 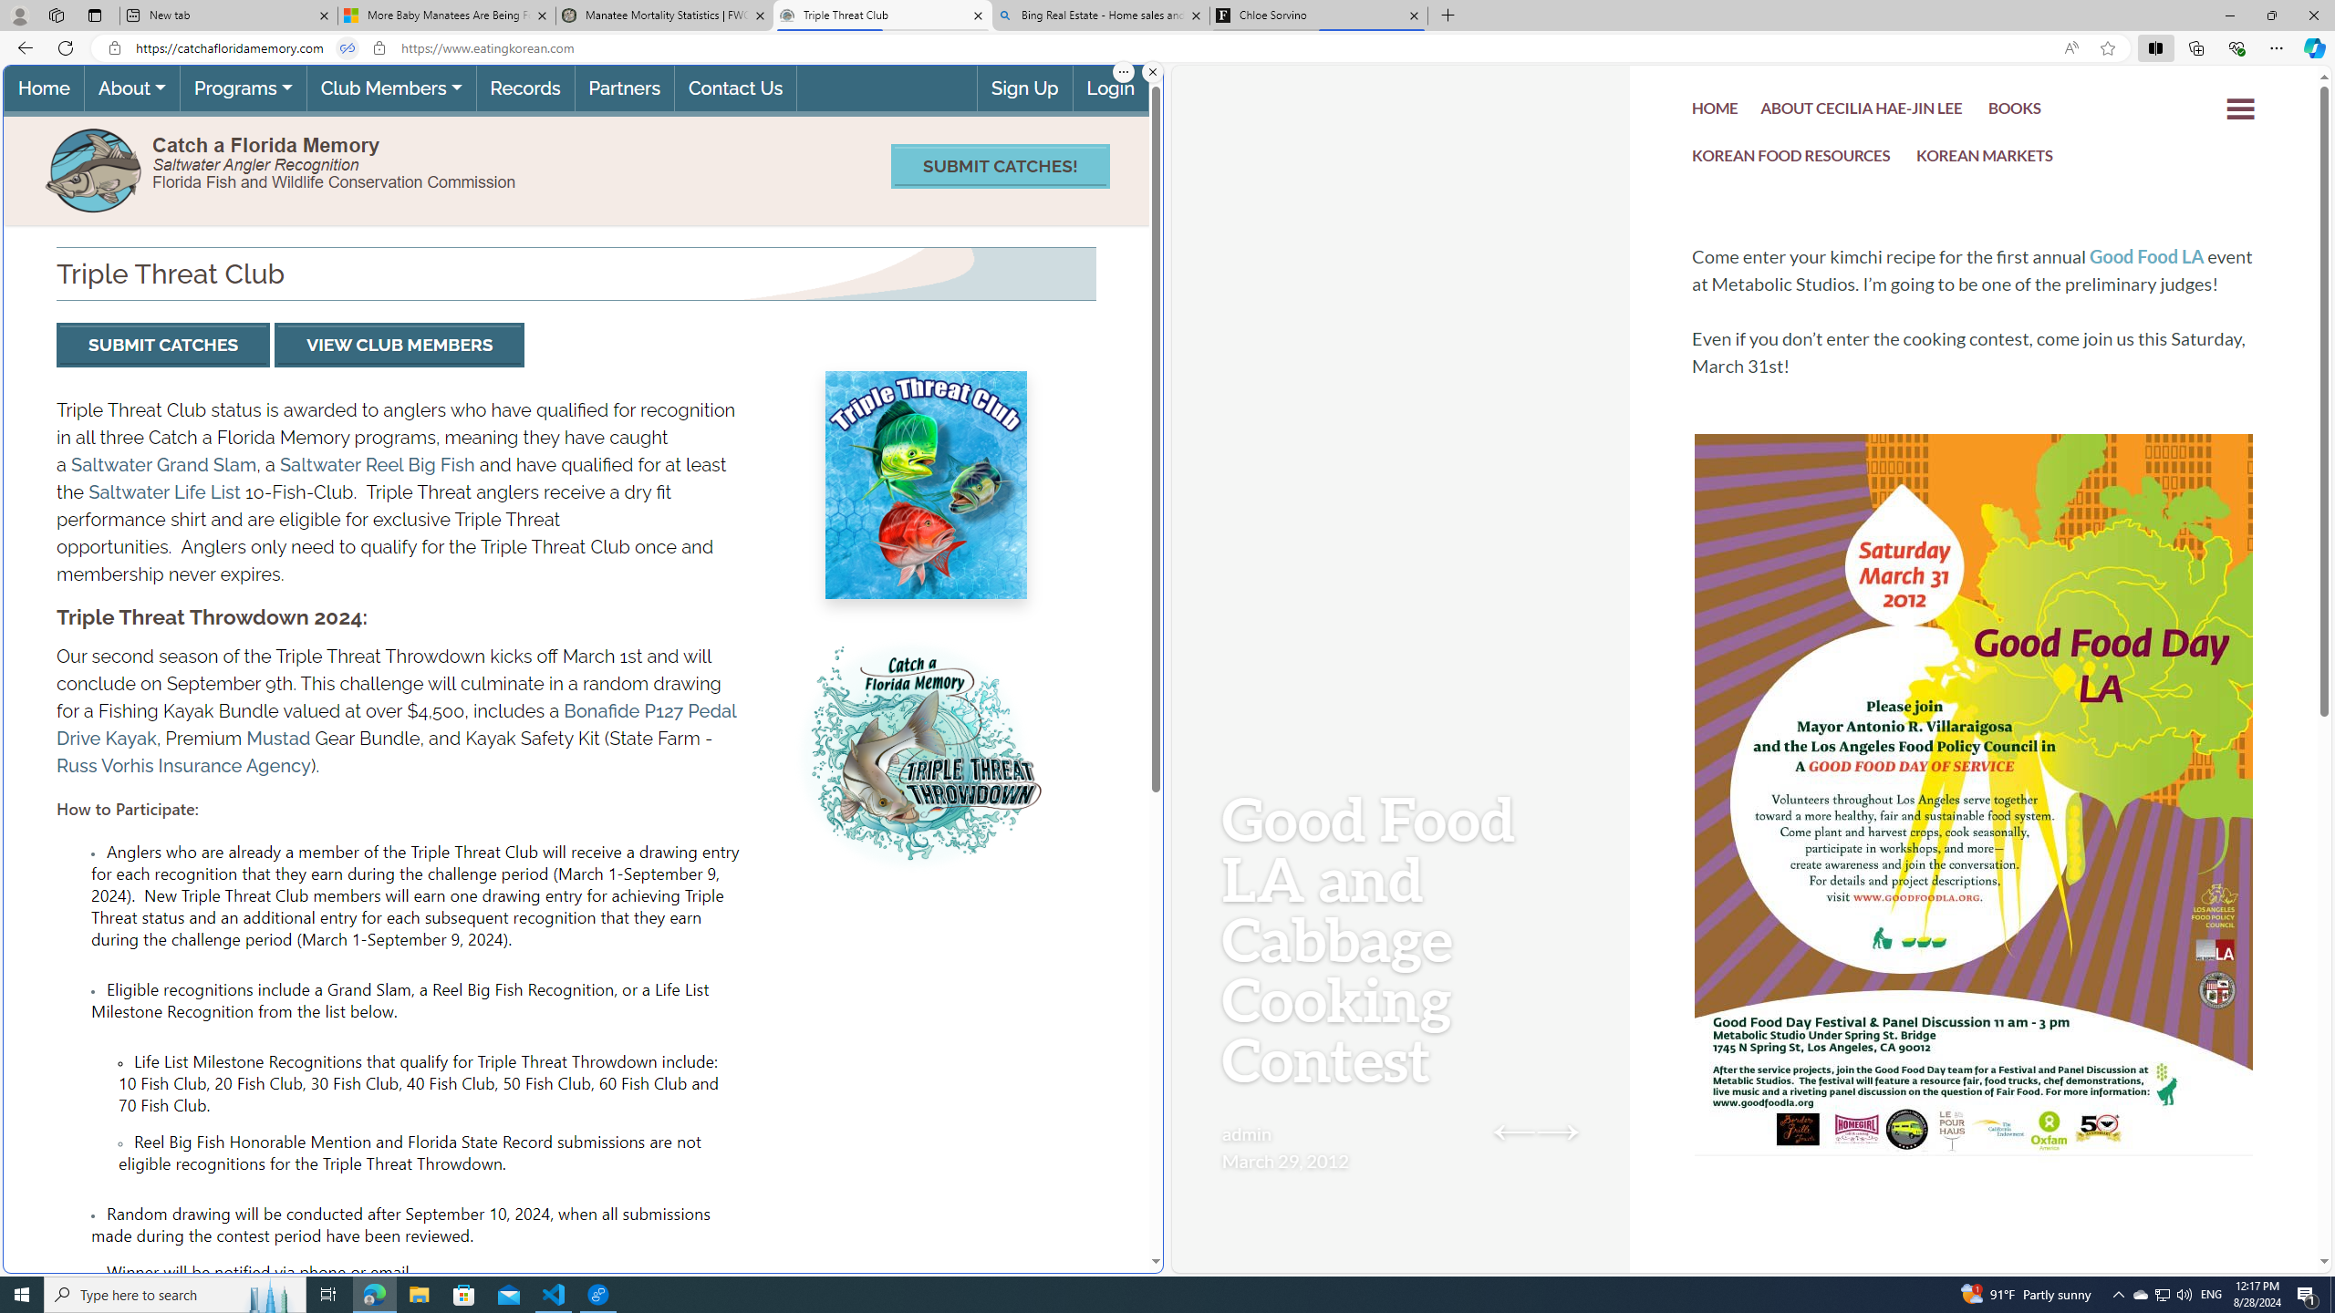 What do you see at coordinates (1715, 109) in the screenshot?
I see `'HOME'` at bounding box center [1715, 109].